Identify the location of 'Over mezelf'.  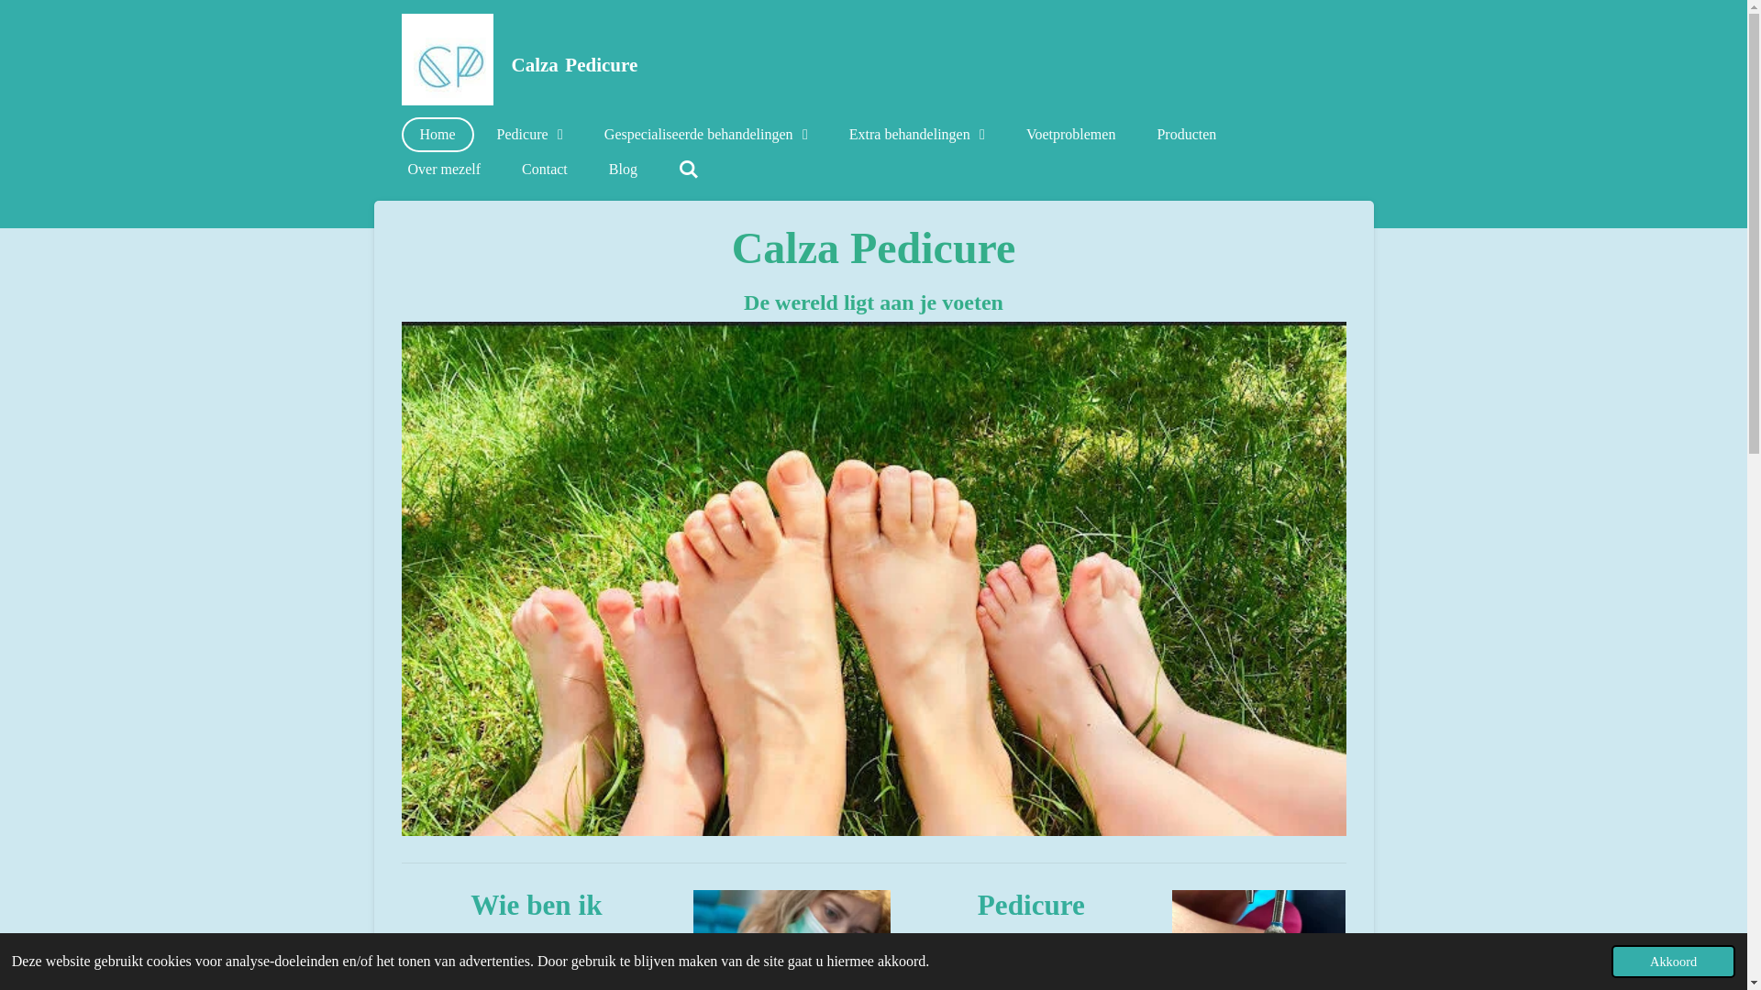
(444, 170).